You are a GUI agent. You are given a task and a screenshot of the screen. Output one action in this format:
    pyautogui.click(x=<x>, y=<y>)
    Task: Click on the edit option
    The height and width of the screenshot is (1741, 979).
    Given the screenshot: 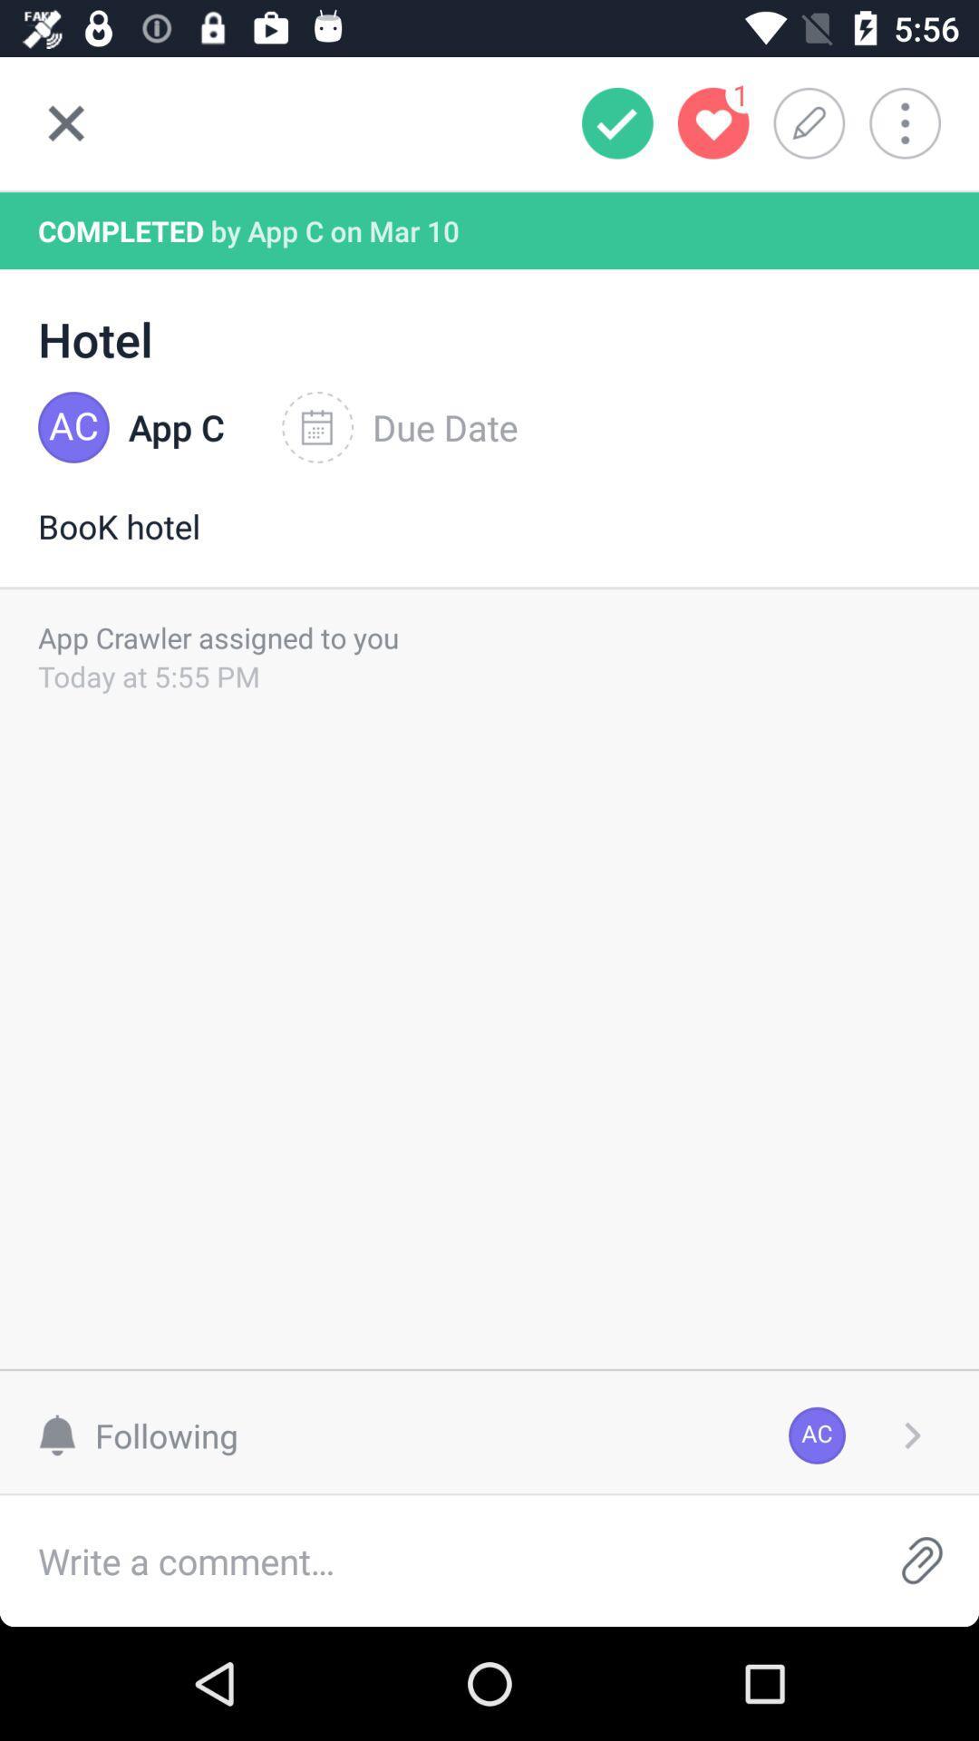 What is the action you would take?
    pyautogui.click(x=814, y=122)
    